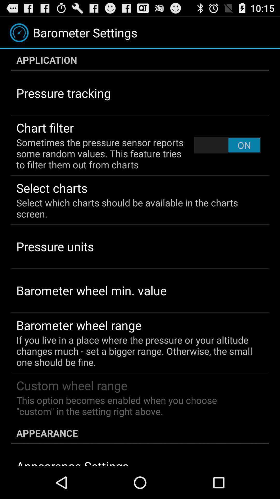 The image size is (280, 499). What do you see at coordinates (55, 246) in the screenshot?
I see `item below the select which charts item` at bounding box center [55, 246].